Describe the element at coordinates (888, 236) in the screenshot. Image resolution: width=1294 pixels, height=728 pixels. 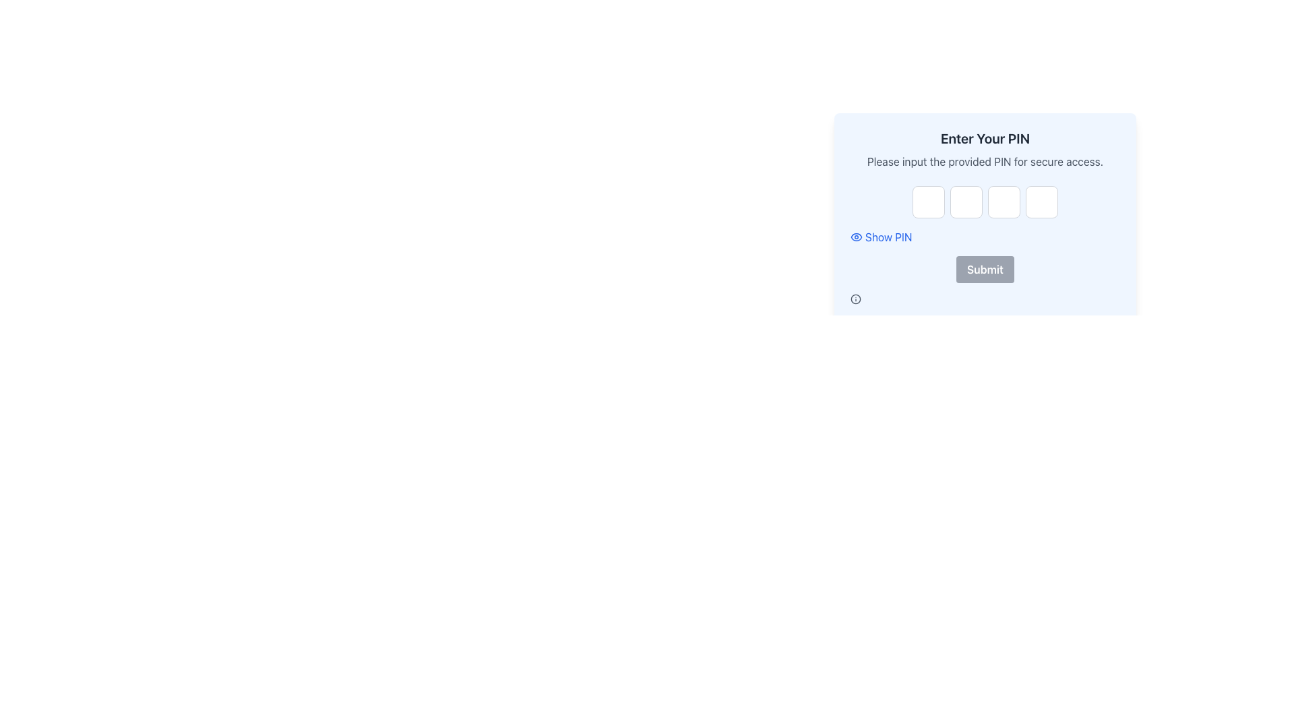
I see `the 'Show PIN' text label, which is displayed in blue and aligned horizontally next to an eye icon` at that location.